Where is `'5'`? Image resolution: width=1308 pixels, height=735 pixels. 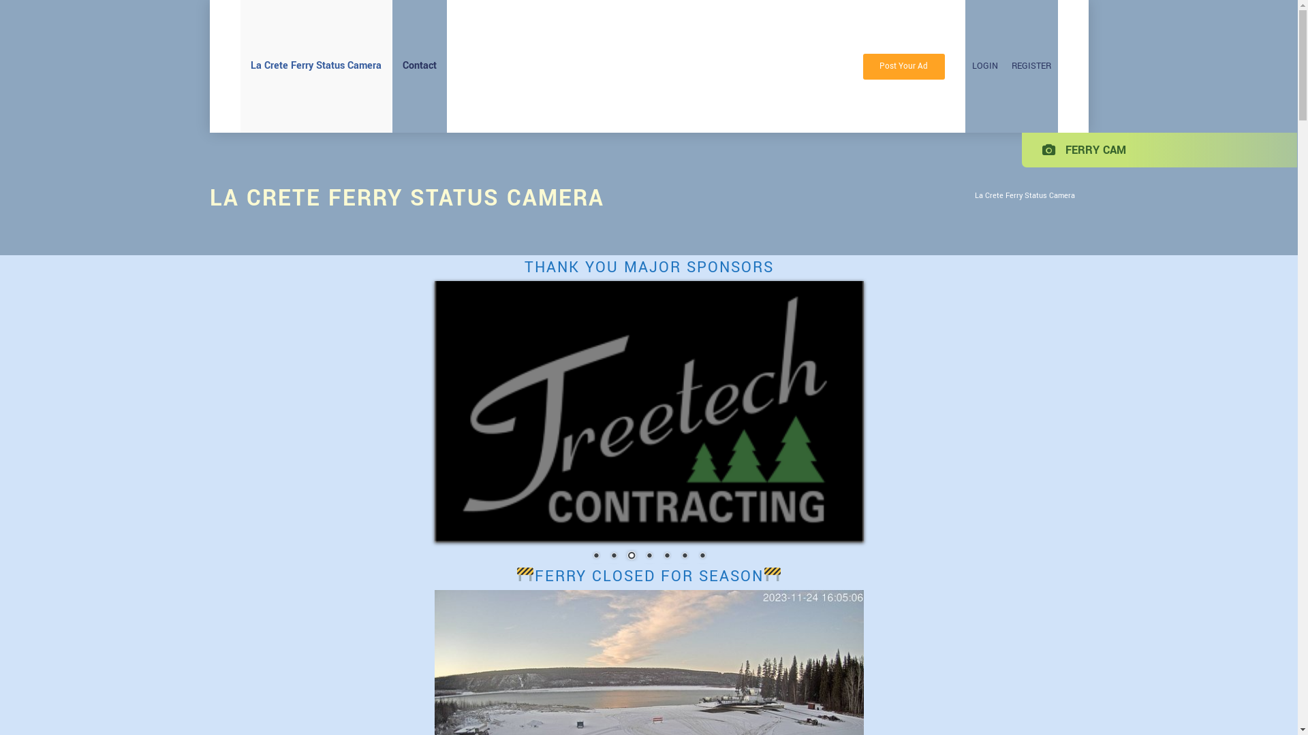 '5' is located at coordinates (667, 556).